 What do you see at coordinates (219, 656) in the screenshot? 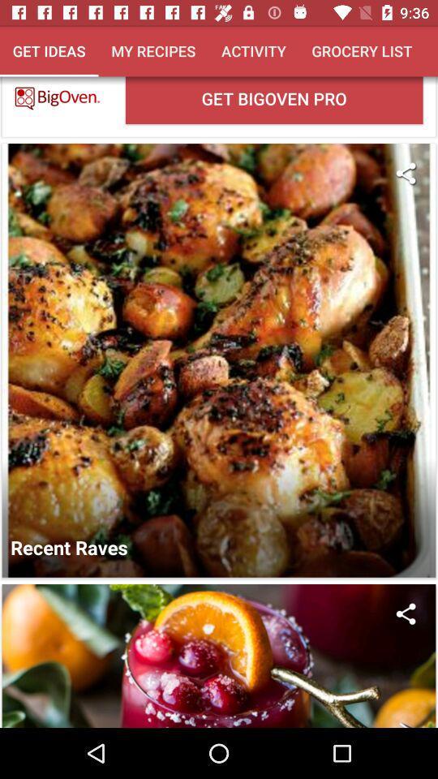
I see `image click option` at bounding box center [219, 656].